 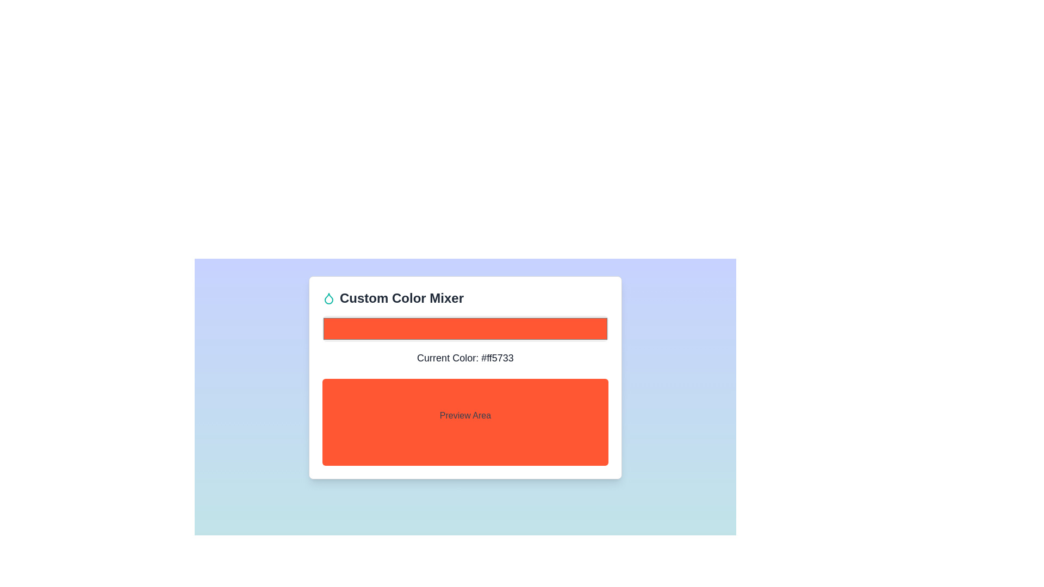 I want to click on the Decorative icon, which is a small water droplet-shaped icon filled with a gradient teal color, located to the left of the 'Custom Color Mixer' header in the white panel at the top of the application interface, so click(x=328, y=298).